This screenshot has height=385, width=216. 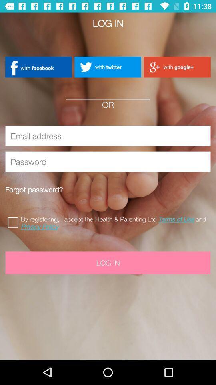 What do you see at coordinates (14, 221) in the screenshot?
I see `check box agree` at bounding box center [14, 221].